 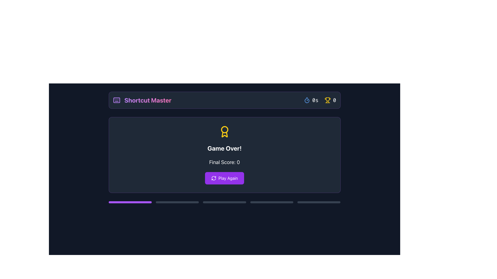 What do you see at coordinates (224, 202) in the screenshot?
I see `the third progress indicator in a row of five horizontal bars located below the primary content section` at bounding box center [224, 202].